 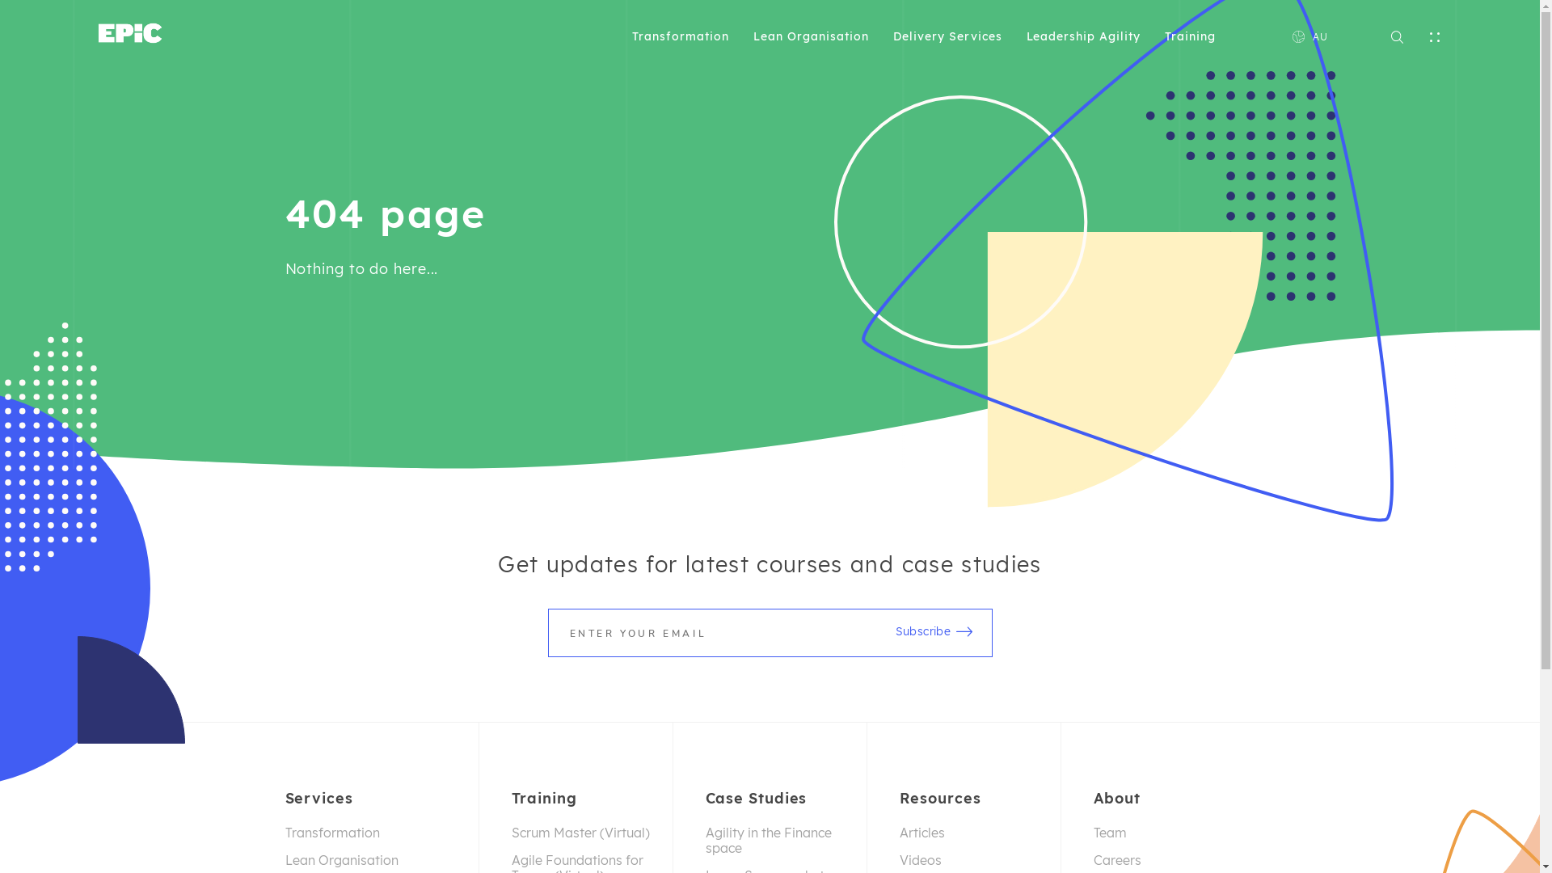 What do you see at coordinates (947, 36) in the screenshot?
I see `'Delivery Services'` at bounding box center [947, 36].